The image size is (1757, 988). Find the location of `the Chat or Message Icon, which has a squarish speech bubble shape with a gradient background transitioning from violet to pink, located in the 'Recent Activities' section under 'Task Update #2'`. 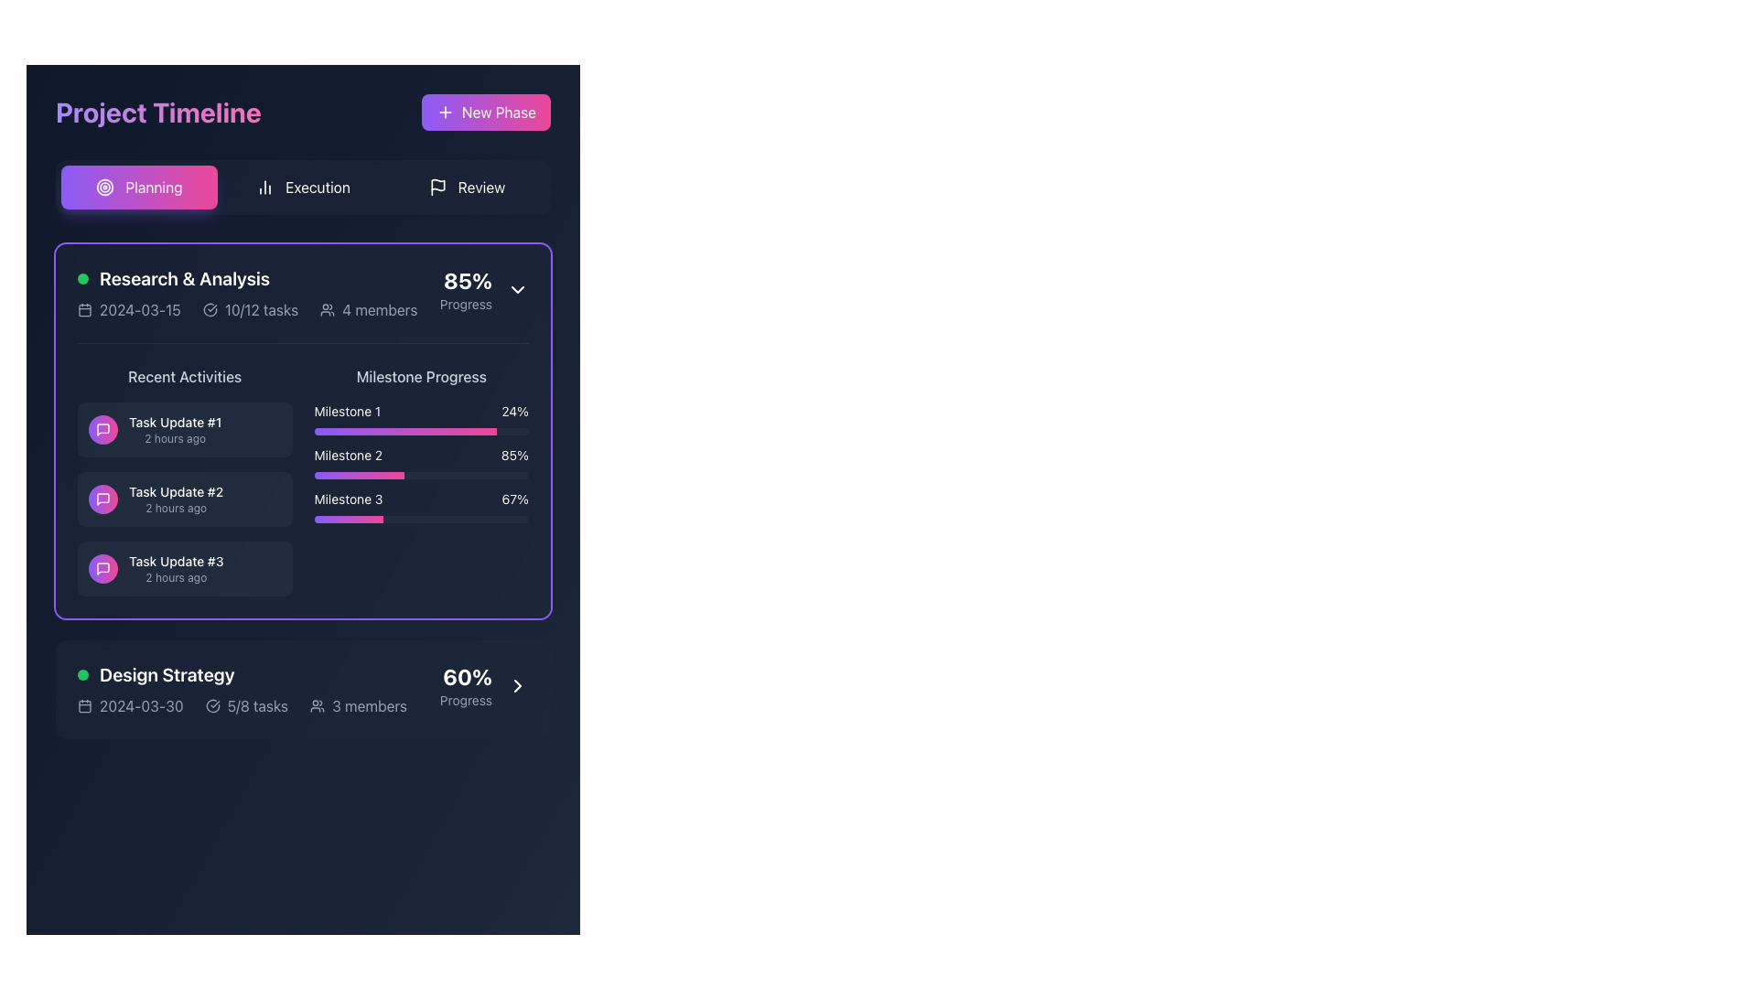

the Chat or Message Icon, which has a squarish speech bubble shape with a gradient background transitioning from violet to pink, located in the 'Recent Activities' section under 'Task Update #2' is located at coordinates (102, 430).